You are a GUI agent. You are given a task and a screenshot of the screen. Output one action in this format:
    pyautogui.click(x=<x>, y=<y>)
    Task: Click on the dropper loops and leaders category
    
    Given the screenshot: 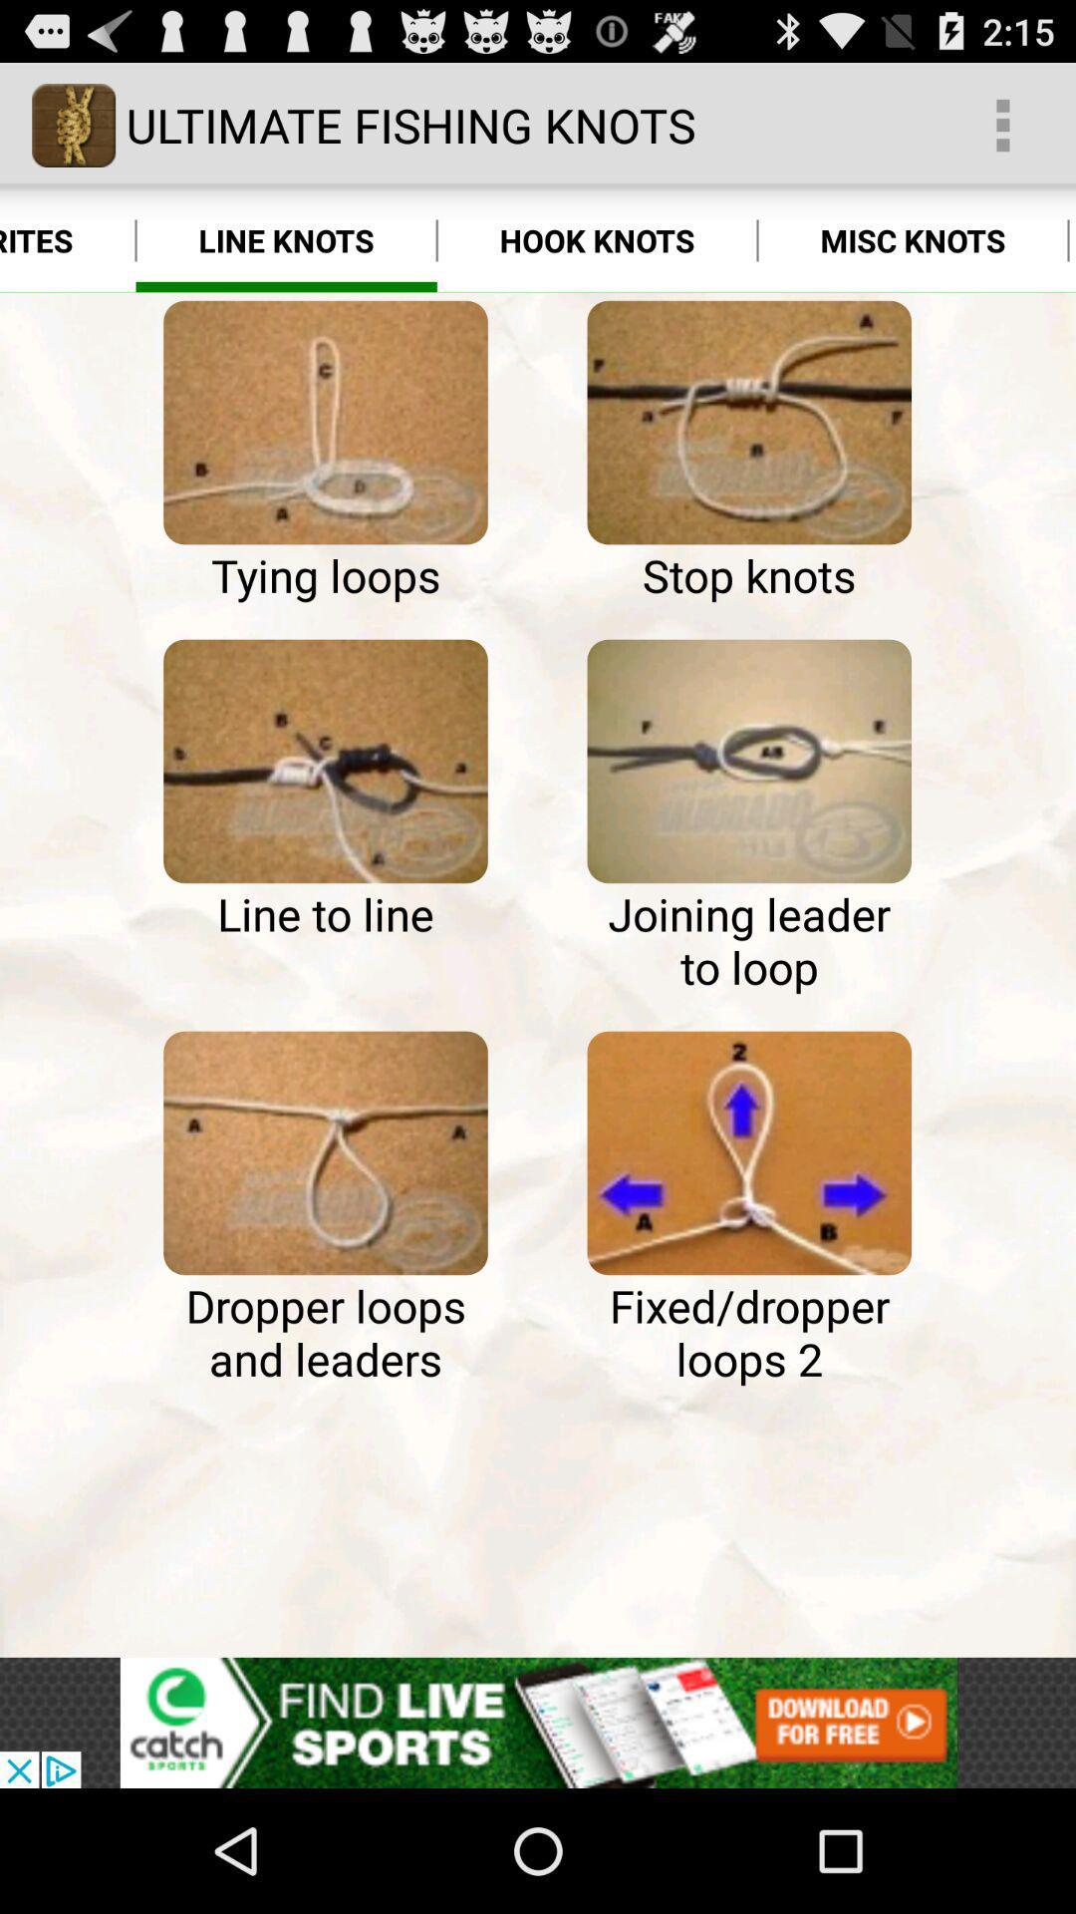 What is the action you would take?
    pyautogui.click(x=325, y=1152)
    